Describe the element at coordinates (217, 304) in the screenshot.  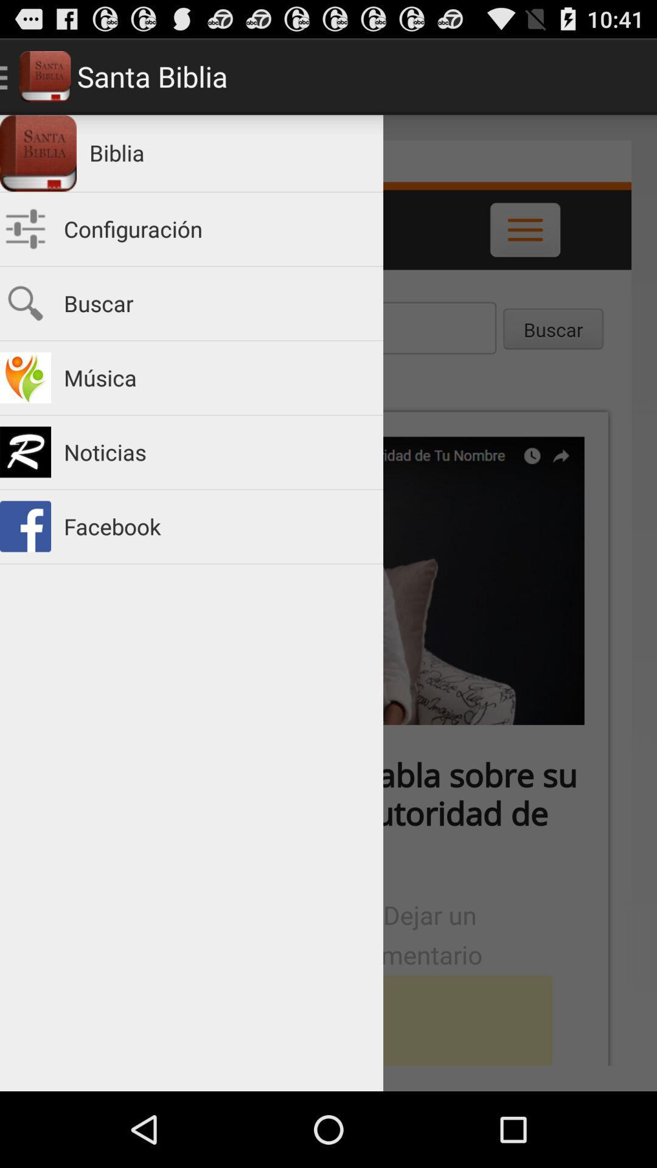
I see `buscar item` at that location.